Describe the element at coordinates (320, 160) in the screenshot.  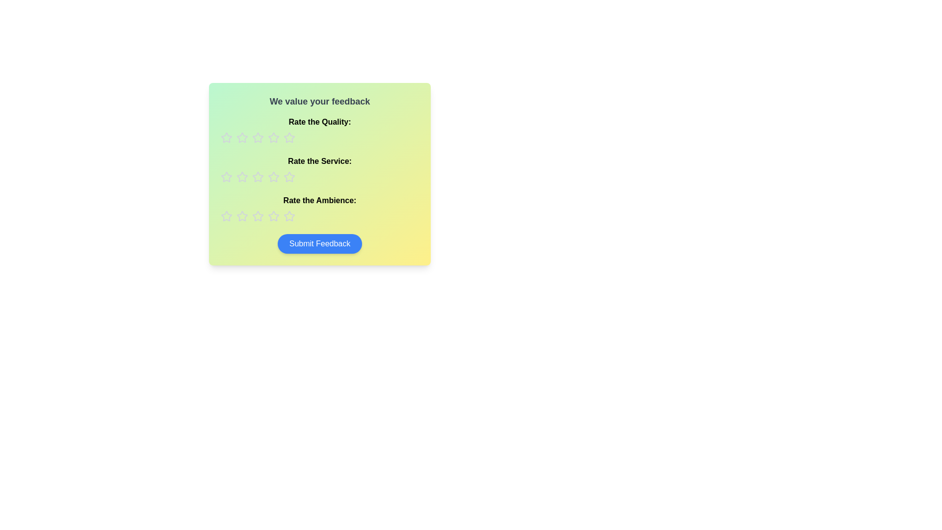
I see `the static text label that serves as the title for the service rating section, positioned below 'Rate the Quality:' and above 'Rate the Ambience:' in the feedback form` at that location.